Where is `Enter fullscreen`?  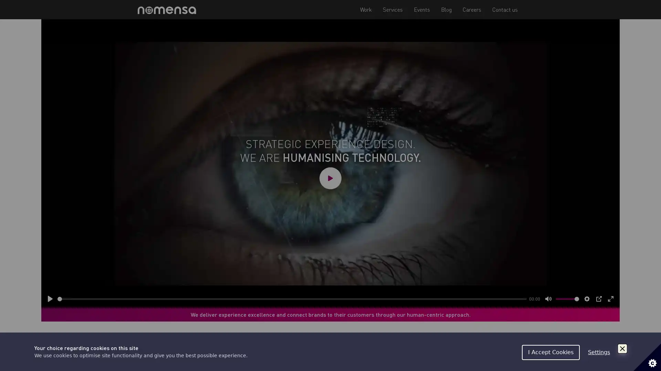
Enter fullscreen is located at coordinates (611, 299).